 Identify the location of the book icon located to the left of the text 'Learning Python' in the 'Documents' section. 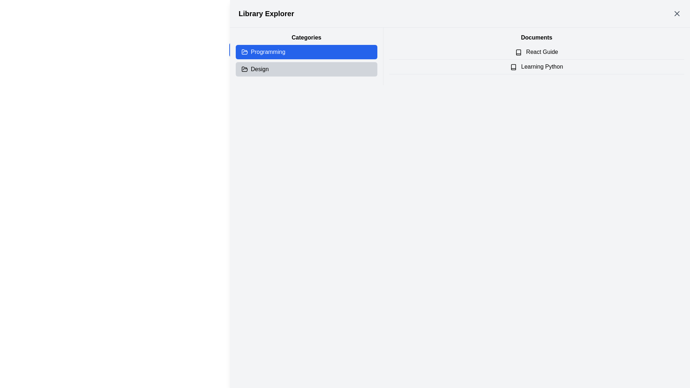
(518, 52).